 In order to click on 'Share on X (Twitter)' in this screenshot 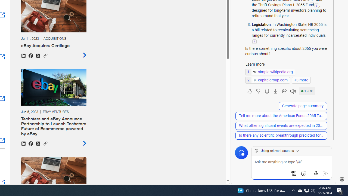, I will do `click(38, 143)`.